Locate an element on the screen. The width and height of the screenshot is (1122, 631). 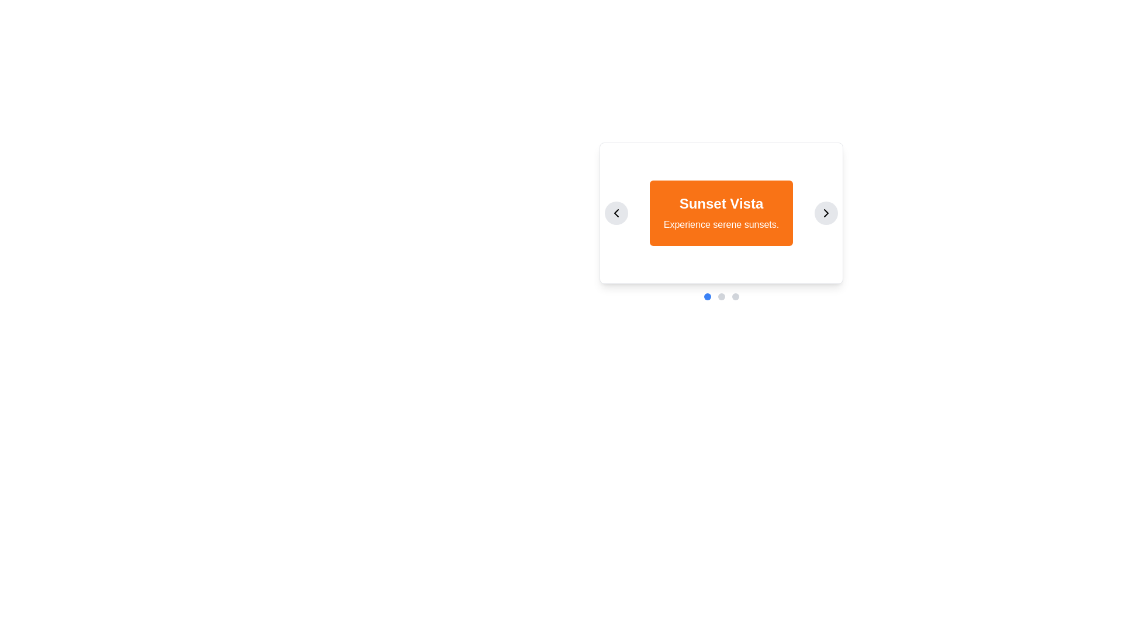
the blue circular dot navigation indicator, which is the first of three dots at the bottom center of the slide area is located at coordinates (707, 296).